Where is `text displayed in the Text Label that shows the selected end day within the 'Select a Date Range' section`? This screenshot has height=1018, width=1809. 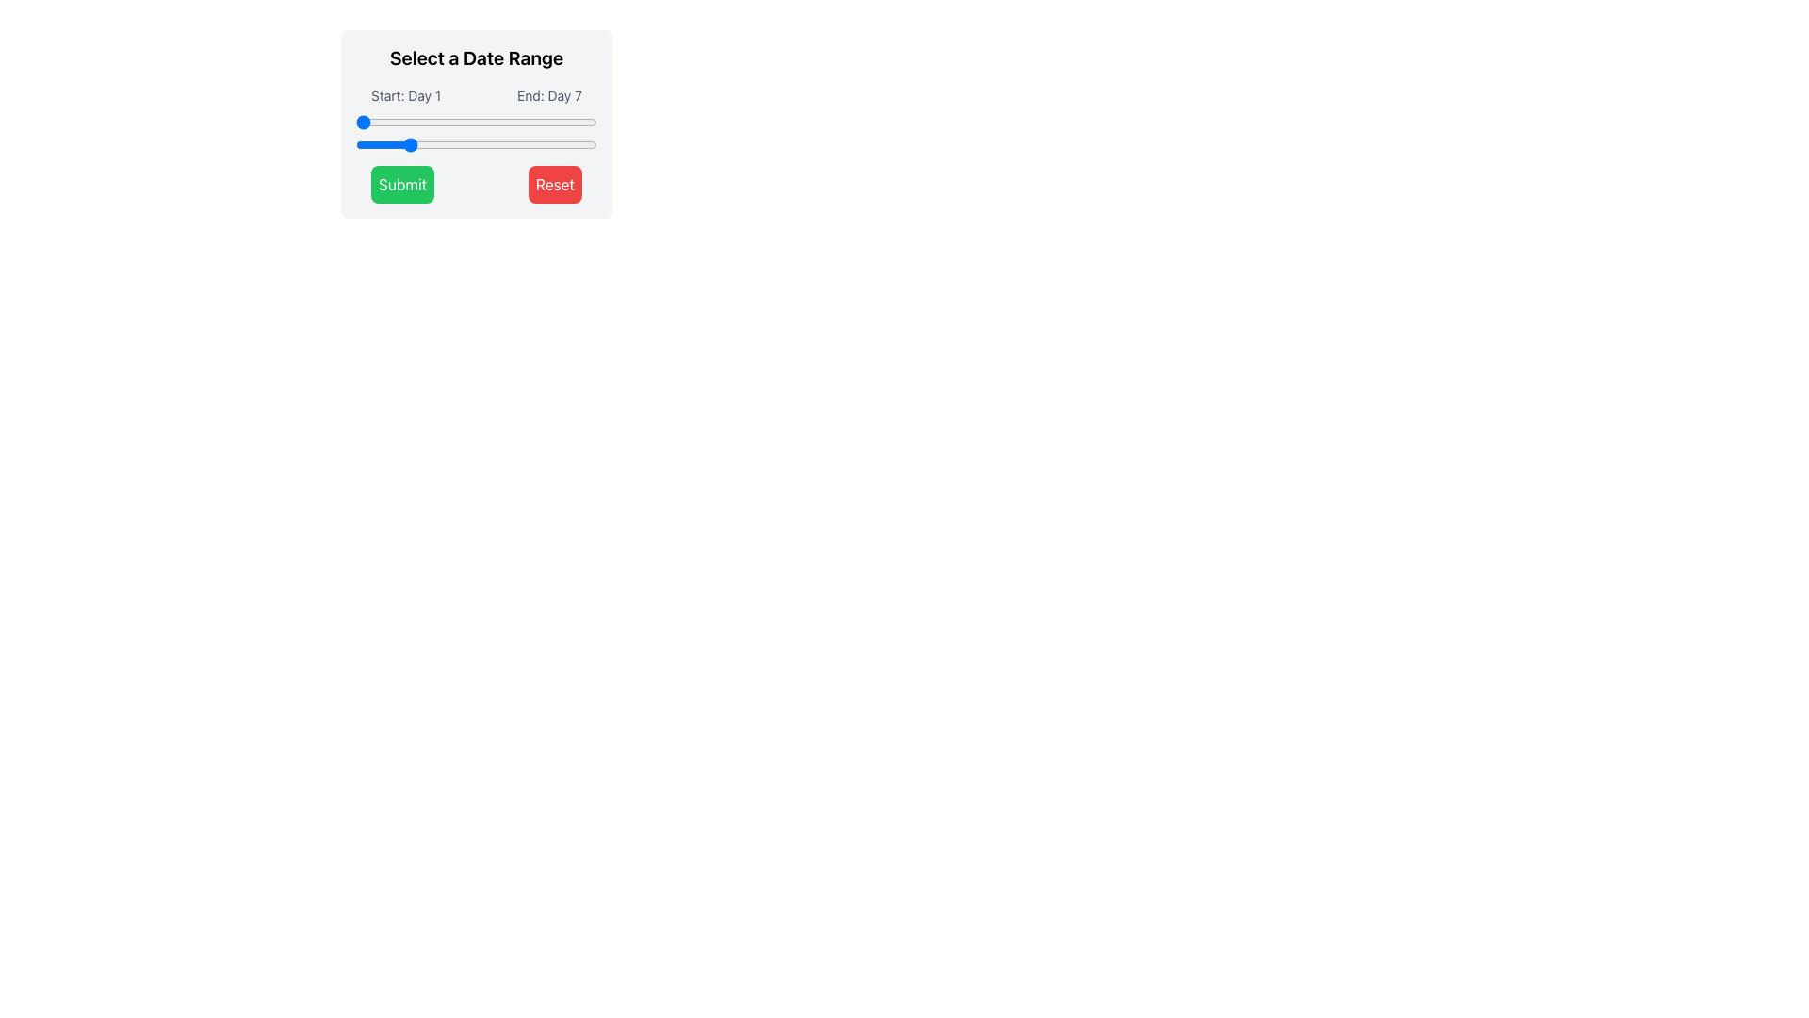
text displayed in the Text Label that shows the selected end day within the 'Select a Date Range' section is located at coordinates (548, 95).